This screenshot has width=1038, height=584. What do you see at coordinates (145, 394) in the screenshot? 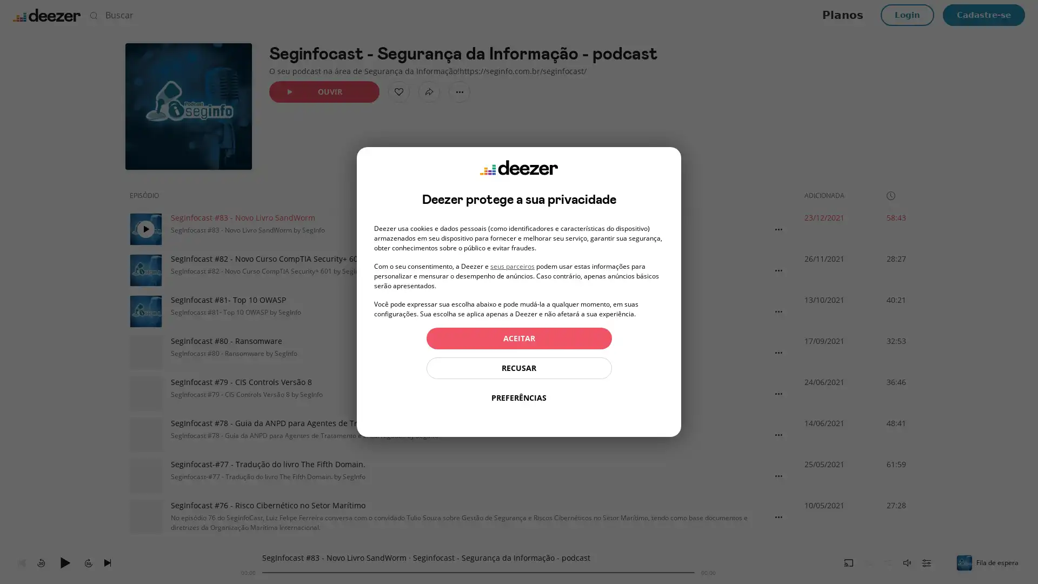
I see `Tocar SegInfocast #79 - CIS Controls Versao 8 por Seginfocast - Seguranca da Informacao - podcast` at bounding box center [145, 394].